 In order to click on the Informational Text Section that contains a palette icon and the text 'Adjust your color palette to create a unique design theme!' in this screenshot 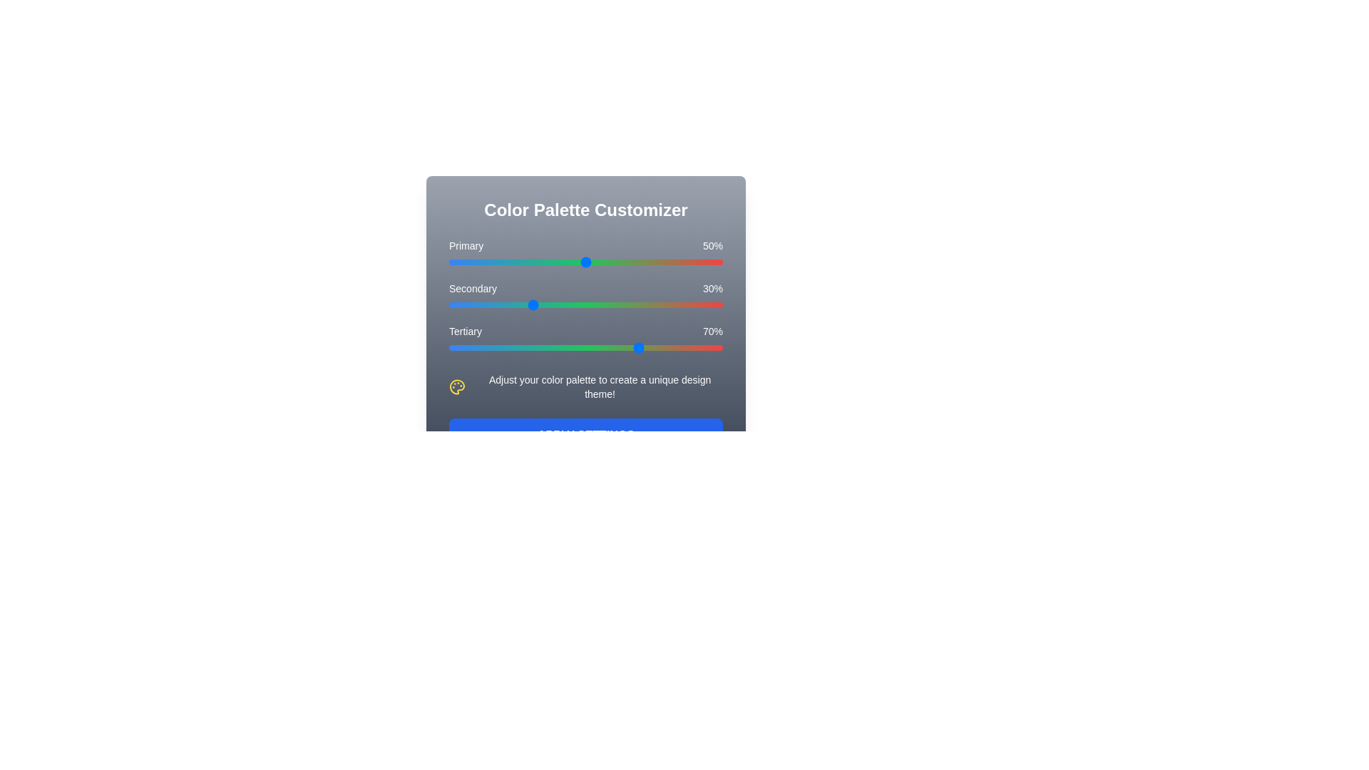, I will do `click(585, 387)`.